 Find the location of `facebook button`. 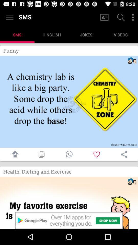

facebook button is located at coordinates (14, 154).